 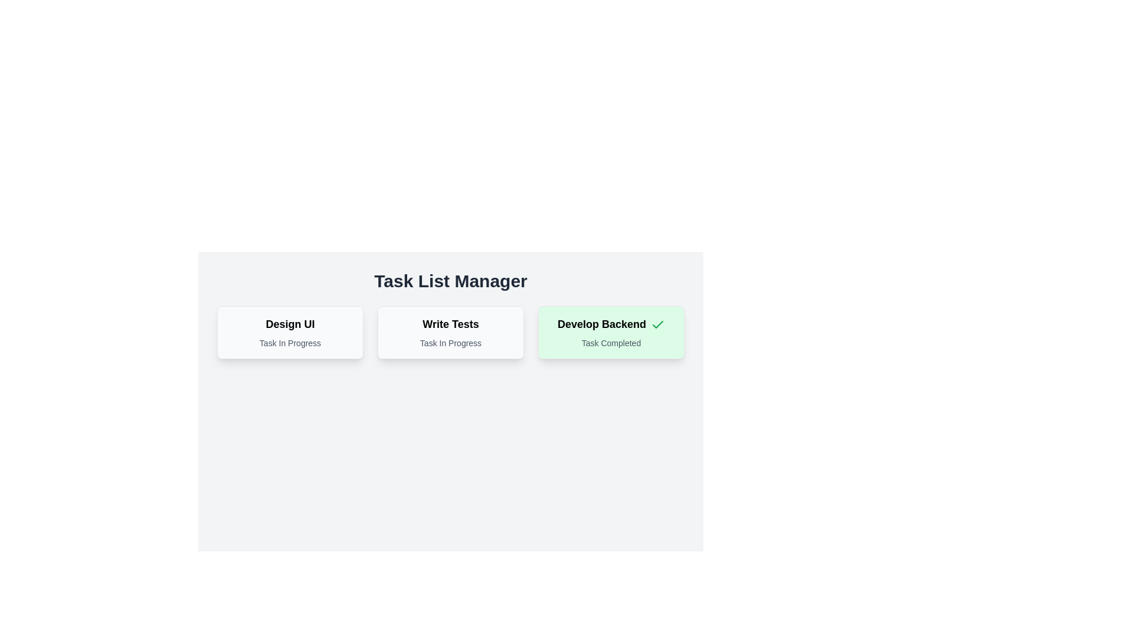 I want to click on the Information Card titled 'Design UI' that indicates 'Task In Progress', so click(x=290, y=332).